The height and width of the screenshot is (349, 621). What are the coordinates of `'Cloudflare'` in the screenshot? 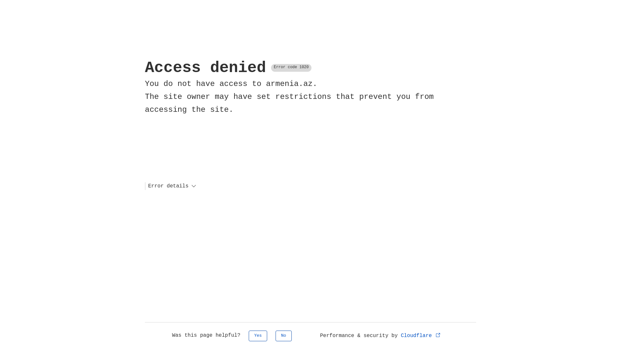 It's located at (421, 335).